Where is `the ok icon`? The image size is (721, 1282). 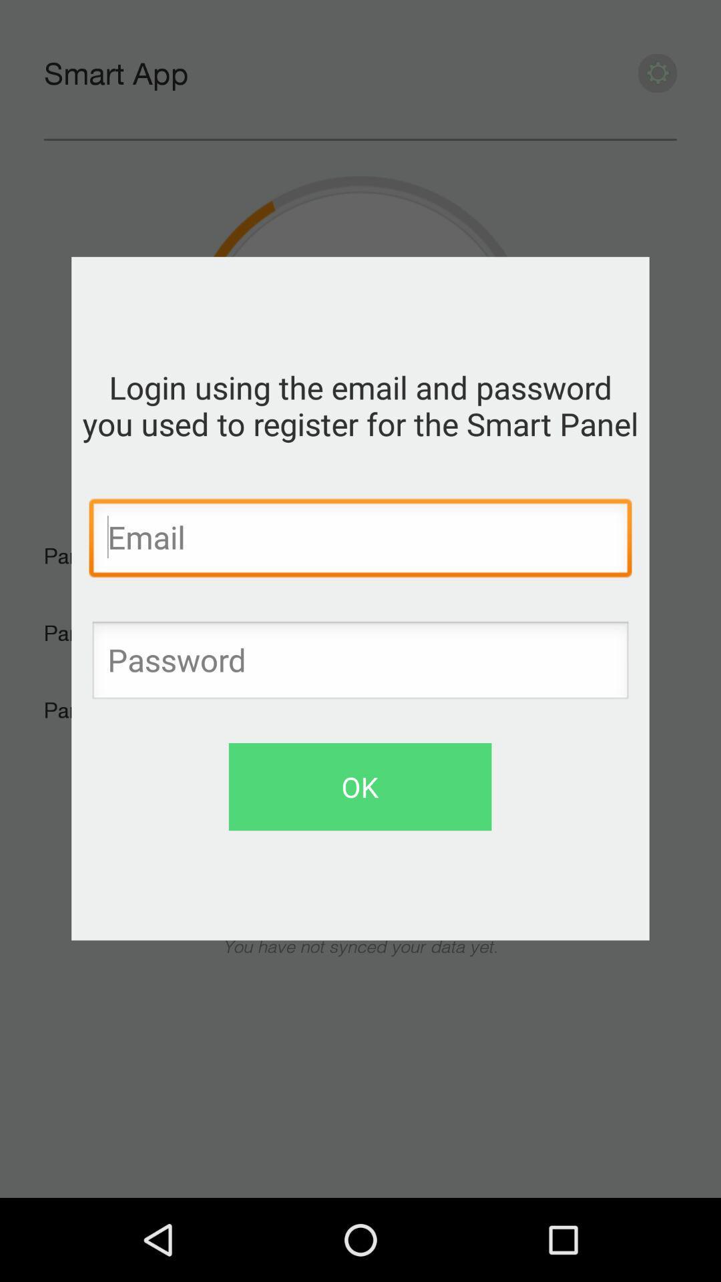 the ok icon is located at coordinates (359, 787).